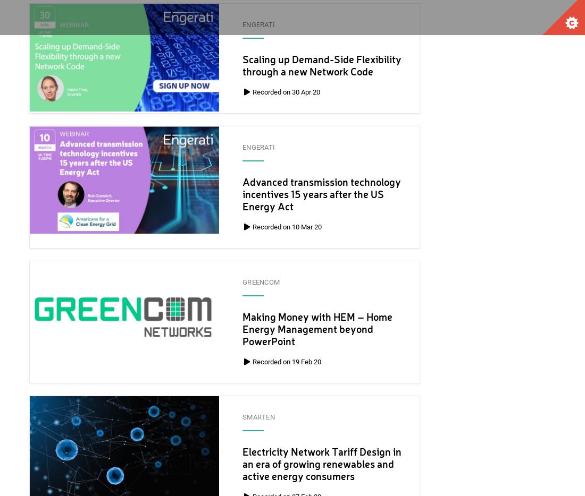 The image size is (585, 496). Describe the element at coordinates (321, 195) in the screenshot. I see `'Advanced transmission technology incentives 15 years after the US Energy Act'` at that location.